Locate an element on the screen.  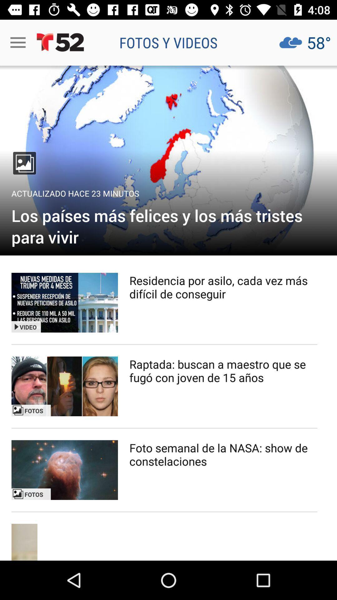
the article is located at coordinates (65, 470).